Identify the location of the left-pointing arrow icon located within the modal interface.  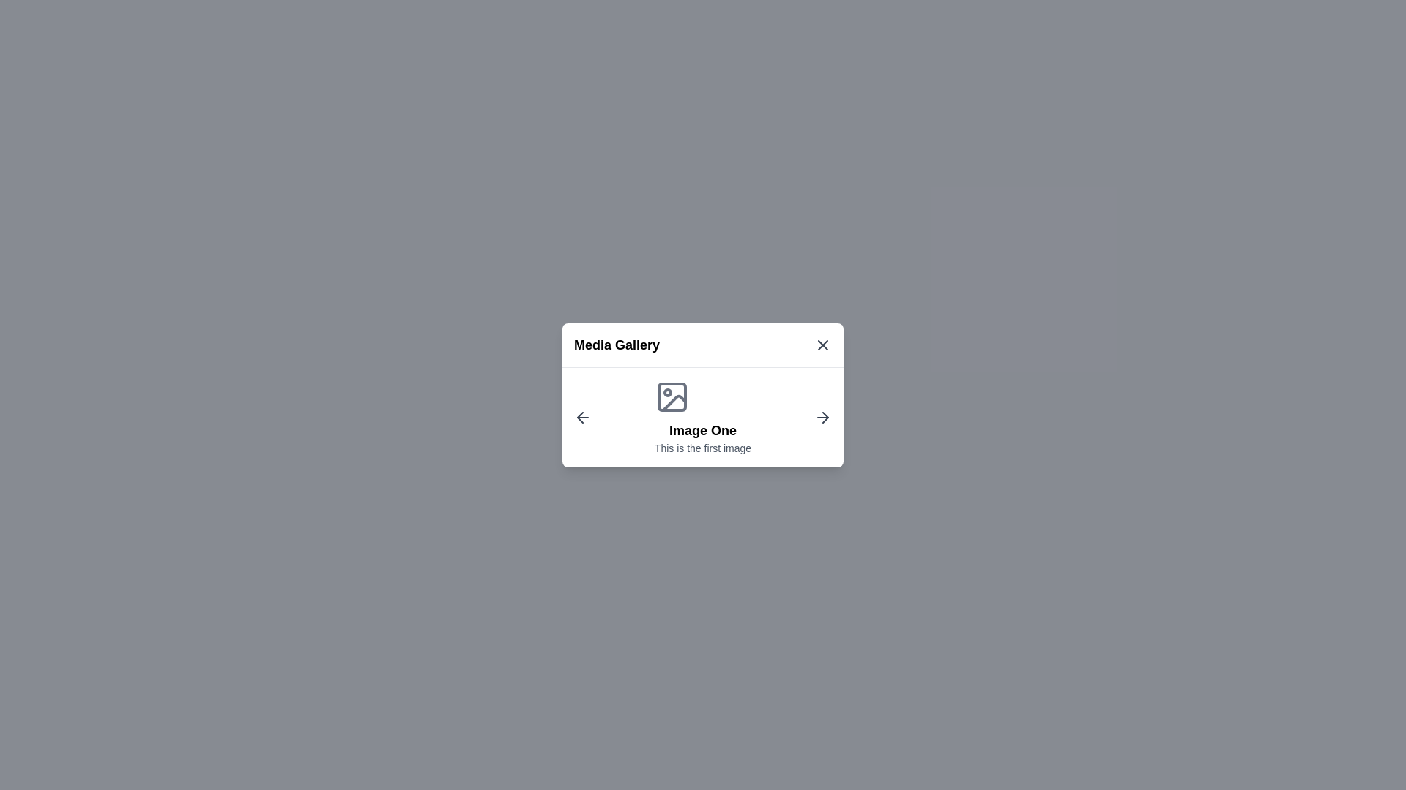
(579, 417).